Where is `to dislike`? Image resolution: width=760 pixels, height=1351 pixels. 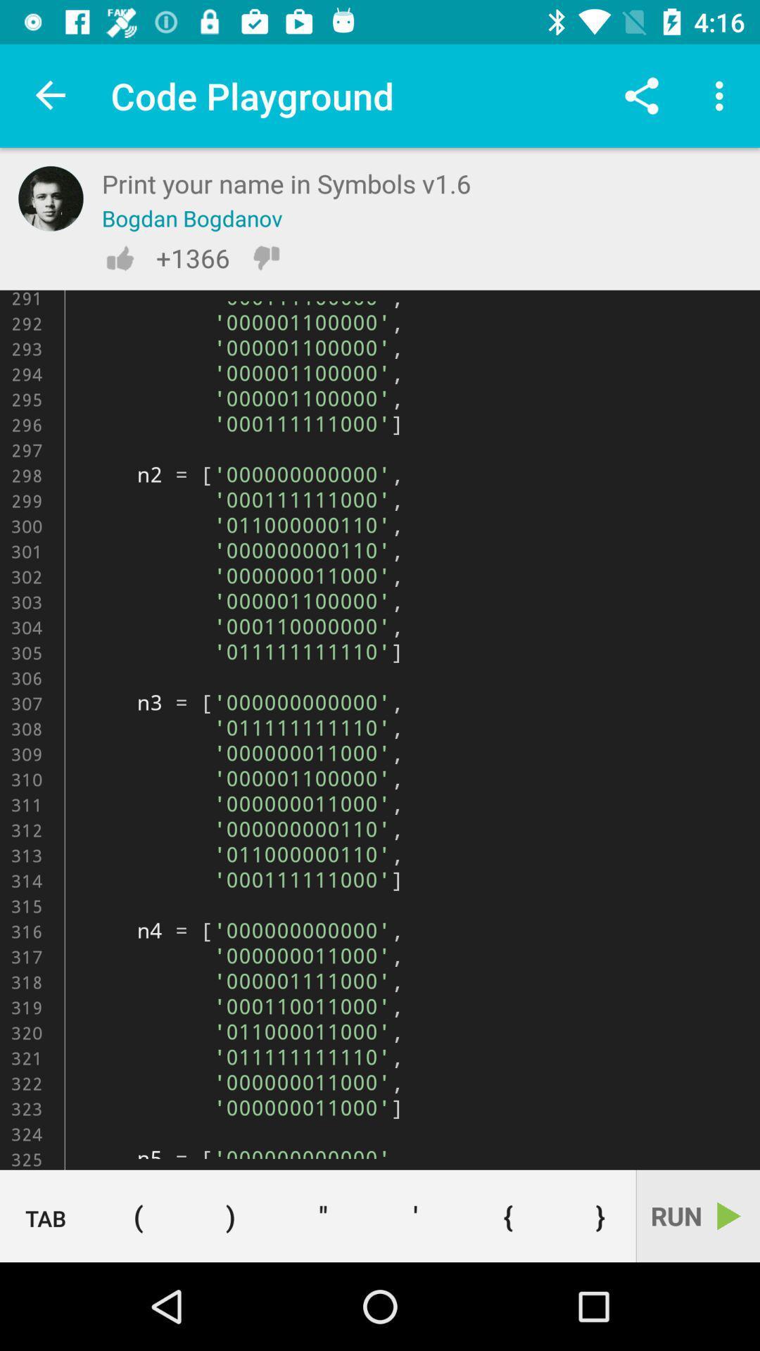 to dislike is located at coordinates (266, 258).